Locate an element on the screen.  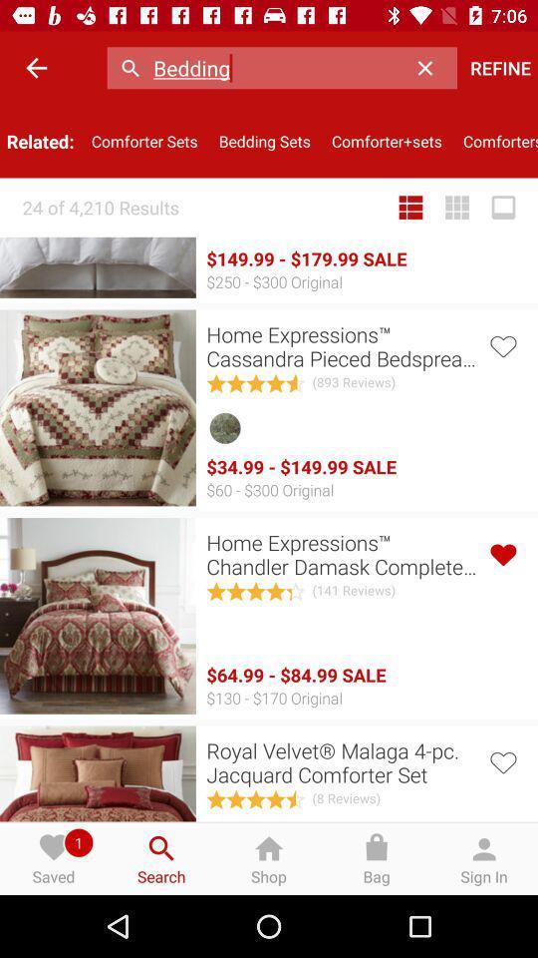
icon next to comforter sets icon is located at coordinates (264, 140).